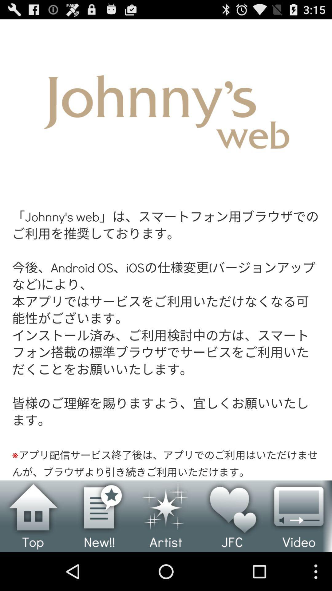  Describe the element at coordinates (166, 250) in the screenshot. I see `screen botton` at that location.